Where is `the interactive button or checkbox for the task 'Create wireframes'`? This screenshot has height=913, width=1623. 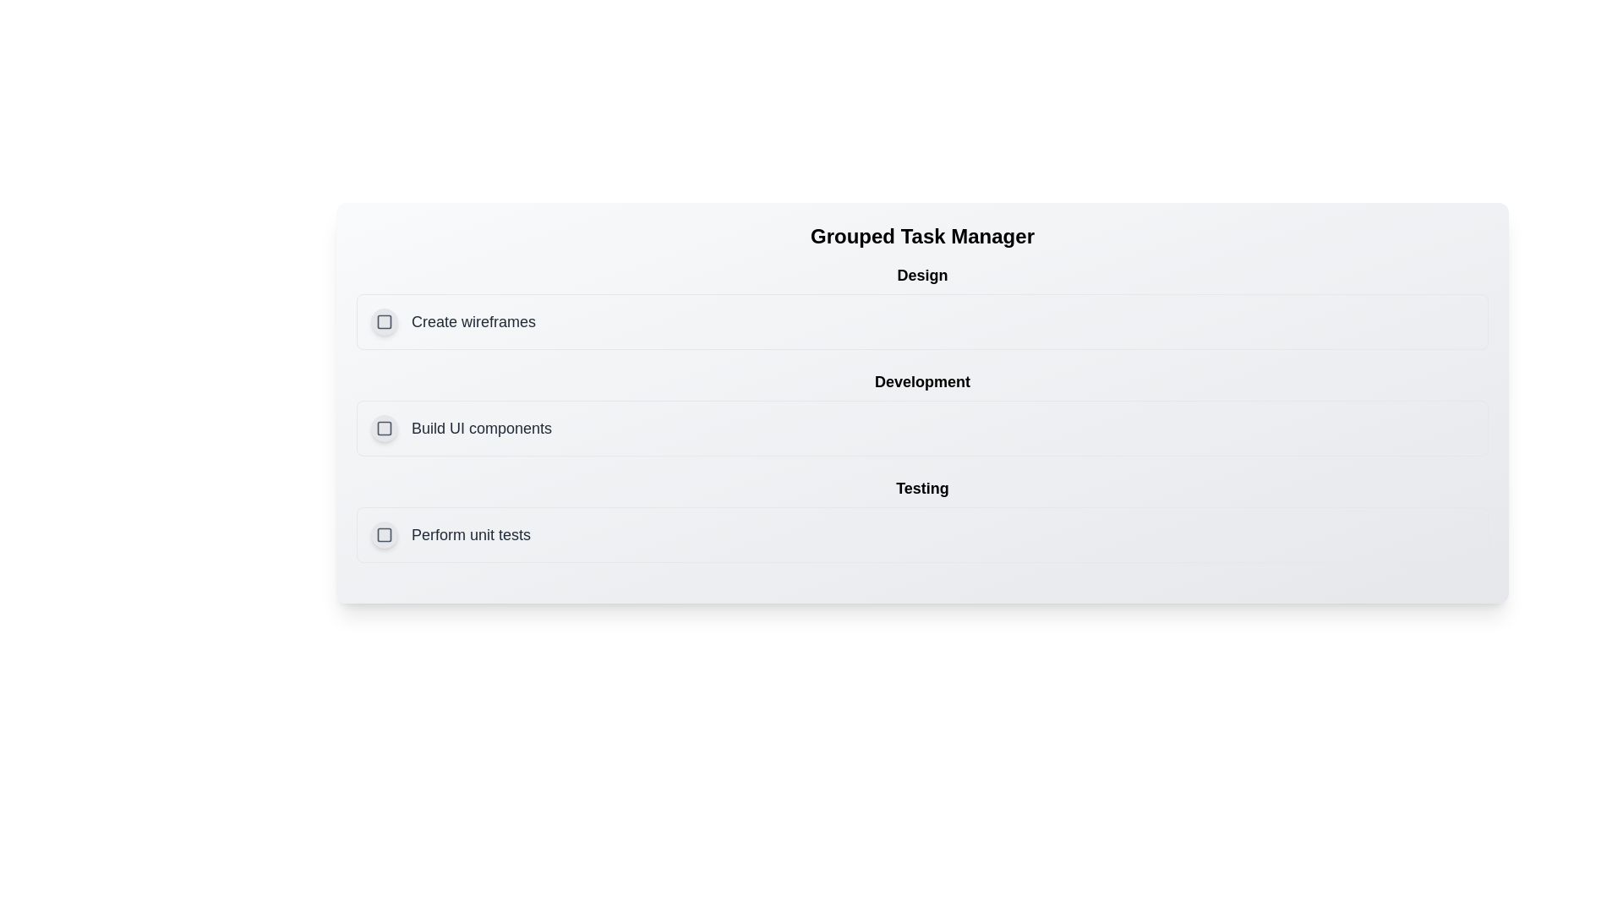 the interactive button or checkbox for the task 'Create wireframes' is located at coordinates (384, 322).